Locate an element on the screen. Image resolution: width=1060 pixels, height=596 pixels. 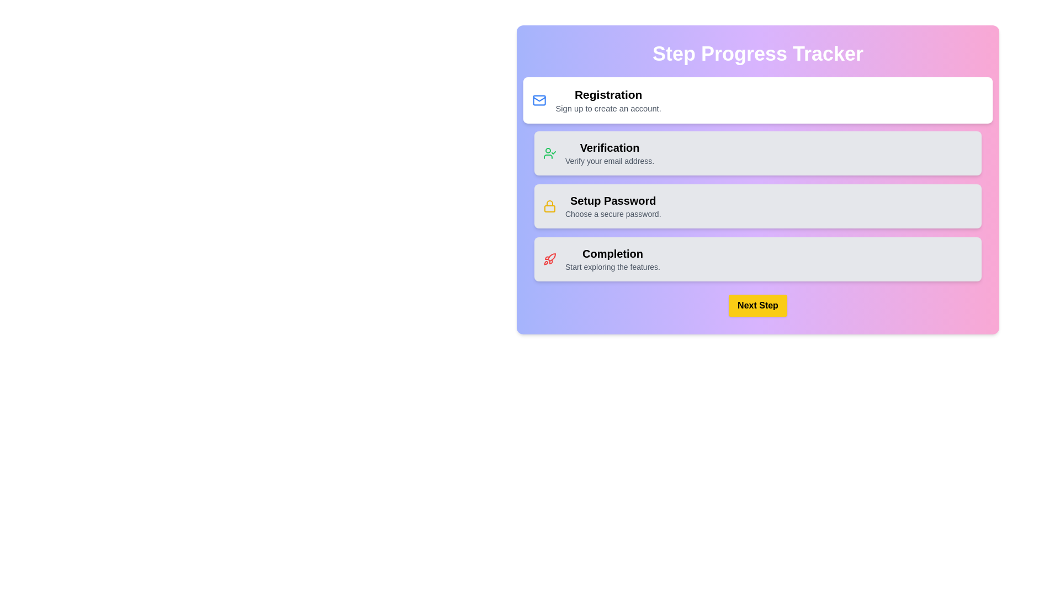
the bold text 'Completion' which is styled in a larger font size, located in a card with a light gray background, part of a step progress tracker is located at coordinates (612, 253).